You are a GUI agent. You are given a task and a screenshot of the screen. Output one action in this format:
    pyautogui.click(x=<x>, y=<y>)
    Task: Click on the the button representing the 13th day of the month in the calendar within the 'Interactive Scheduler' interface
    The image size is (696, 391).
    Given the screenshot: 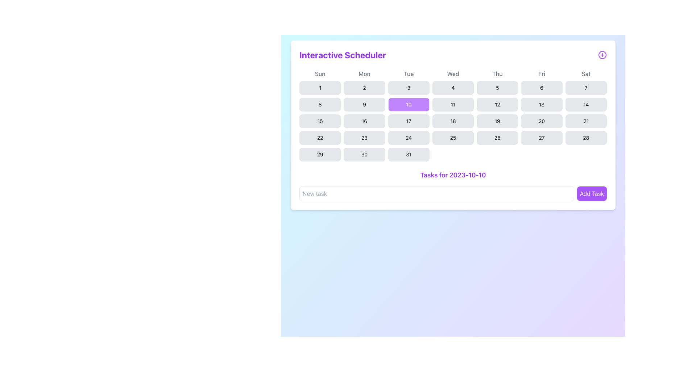 What is the action you would take?
    pyautogui.click(x=541, y=105)
    